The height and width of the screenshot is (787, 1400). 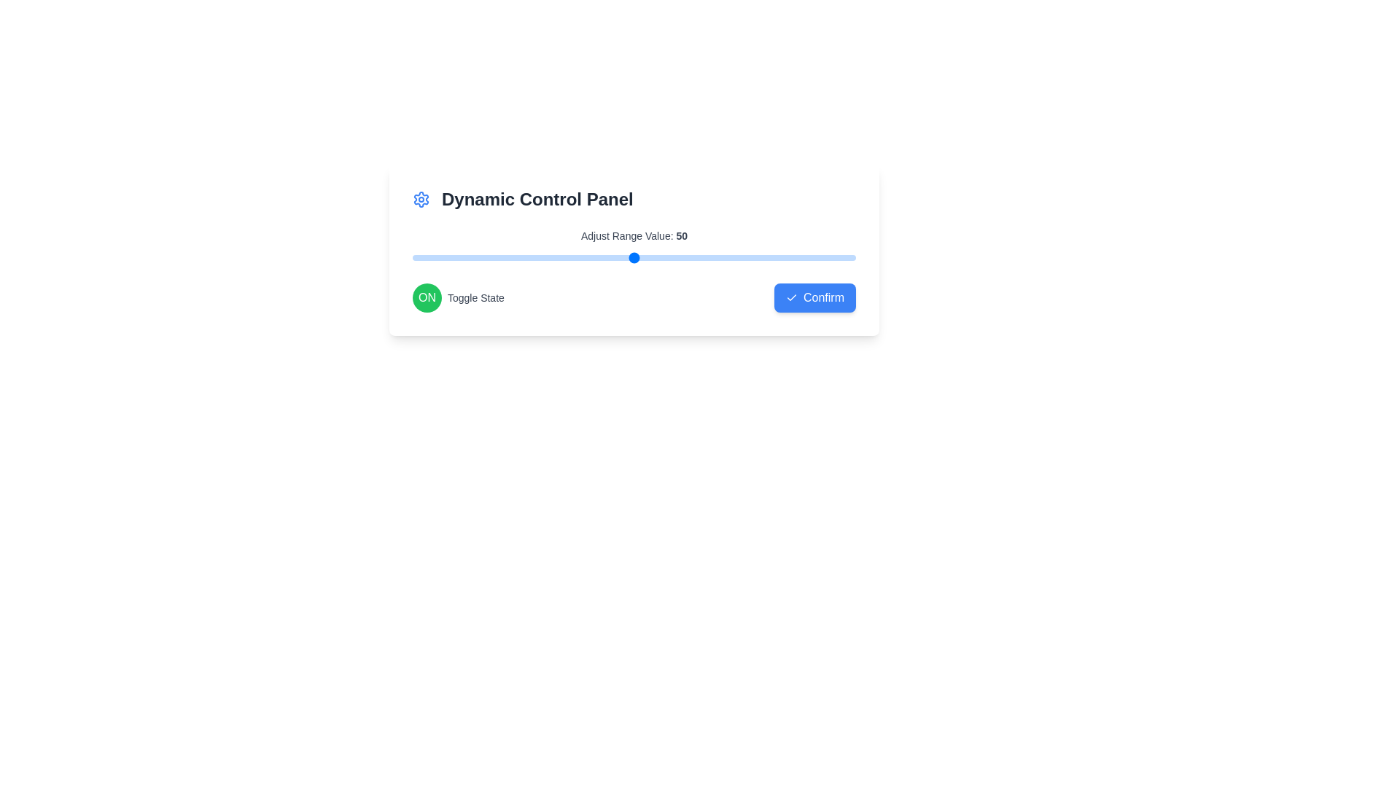 I want to click on the checkmark icon that visually reinforces the 'Confirm' button, located on the left side of the button in the lower right section of the interface, so click(x=790, y=297).